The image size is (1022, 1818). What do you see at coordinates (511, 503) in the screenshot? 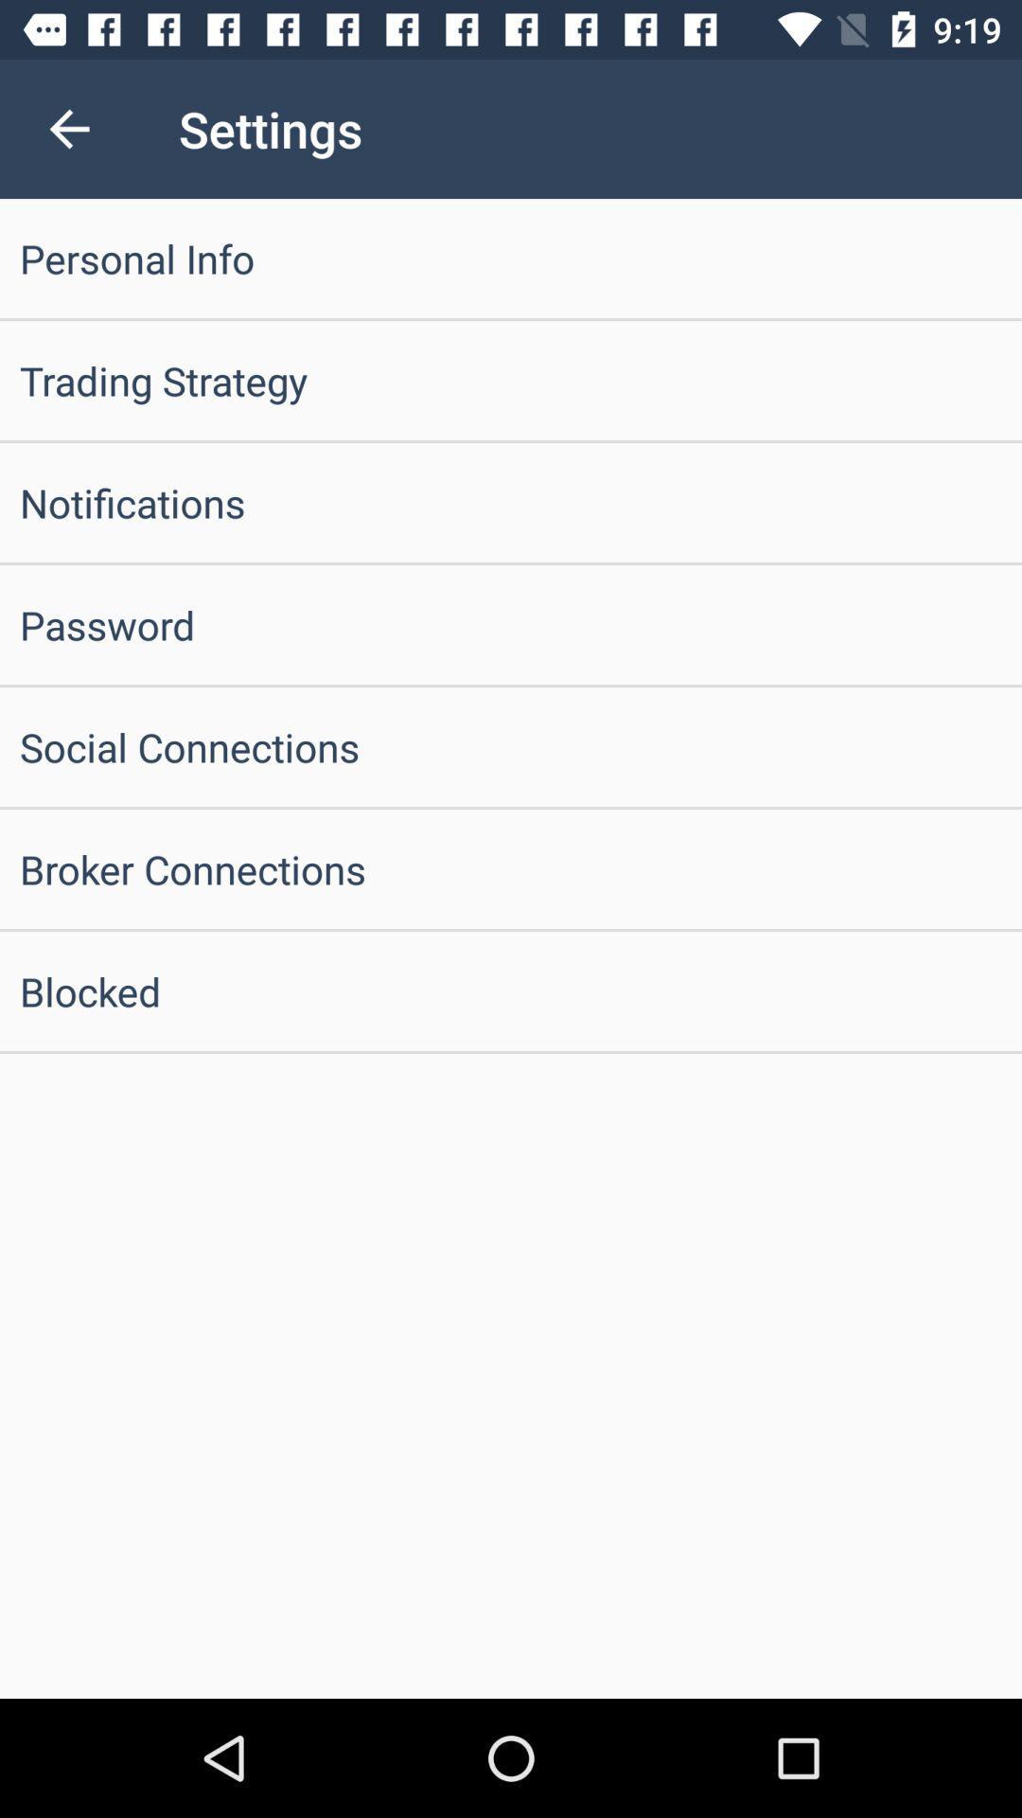
I see `the item above password icon` at bounding box center [511, 503].